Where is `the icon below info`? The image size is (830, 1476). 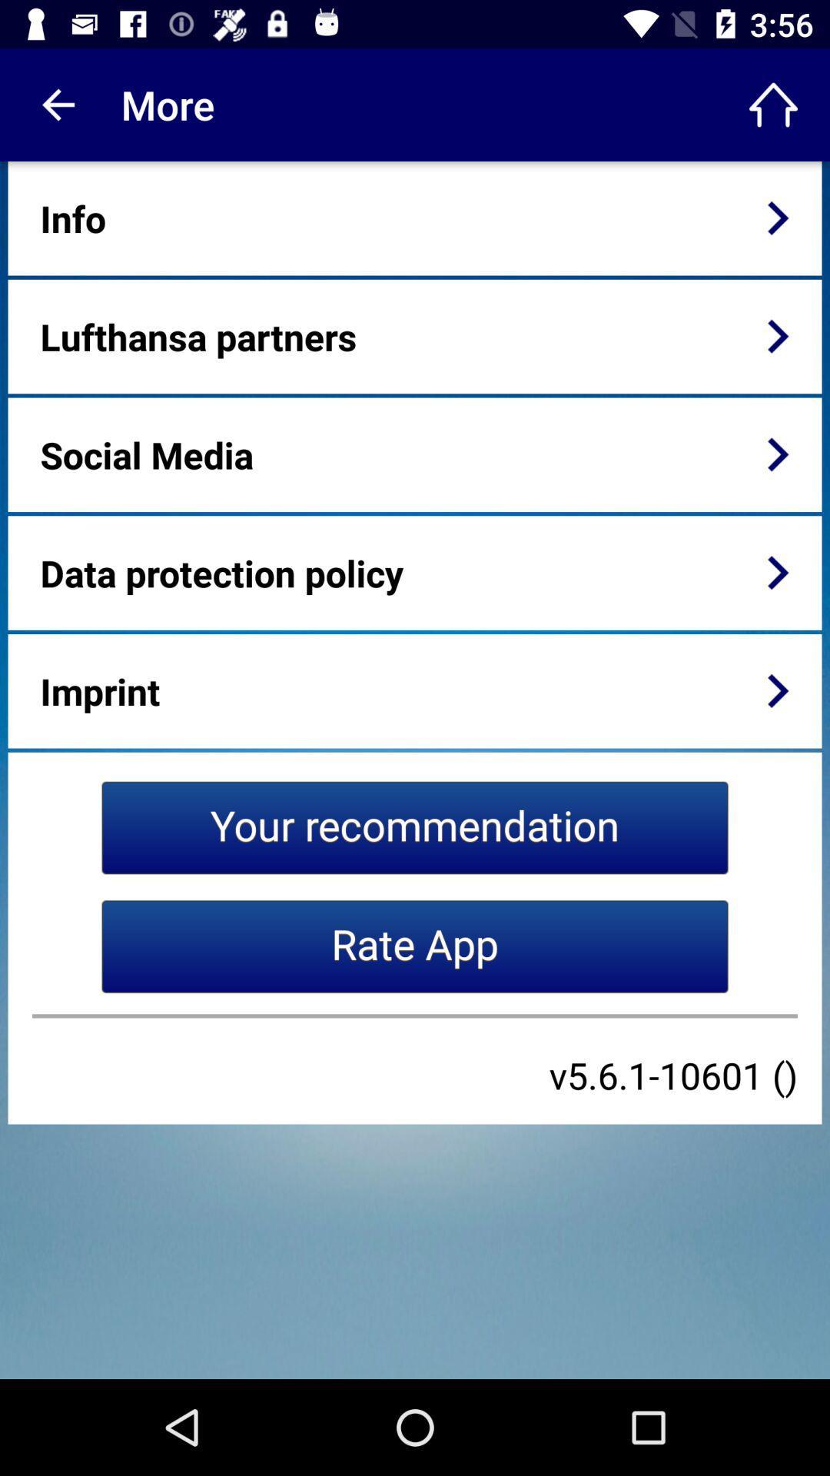 the icon below info is located at coordinates (198, 335).